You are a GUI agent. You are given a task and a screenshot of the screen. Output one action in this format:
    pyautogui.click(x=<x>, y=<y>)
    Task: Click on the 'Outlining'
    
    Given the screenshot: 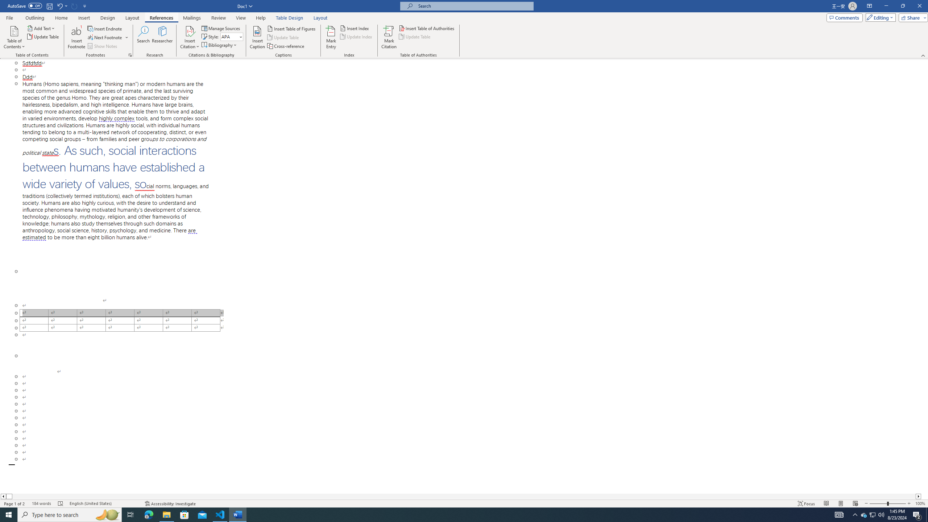 What is the action you would take?
    pyautogui.click(x=34, y=18)
    